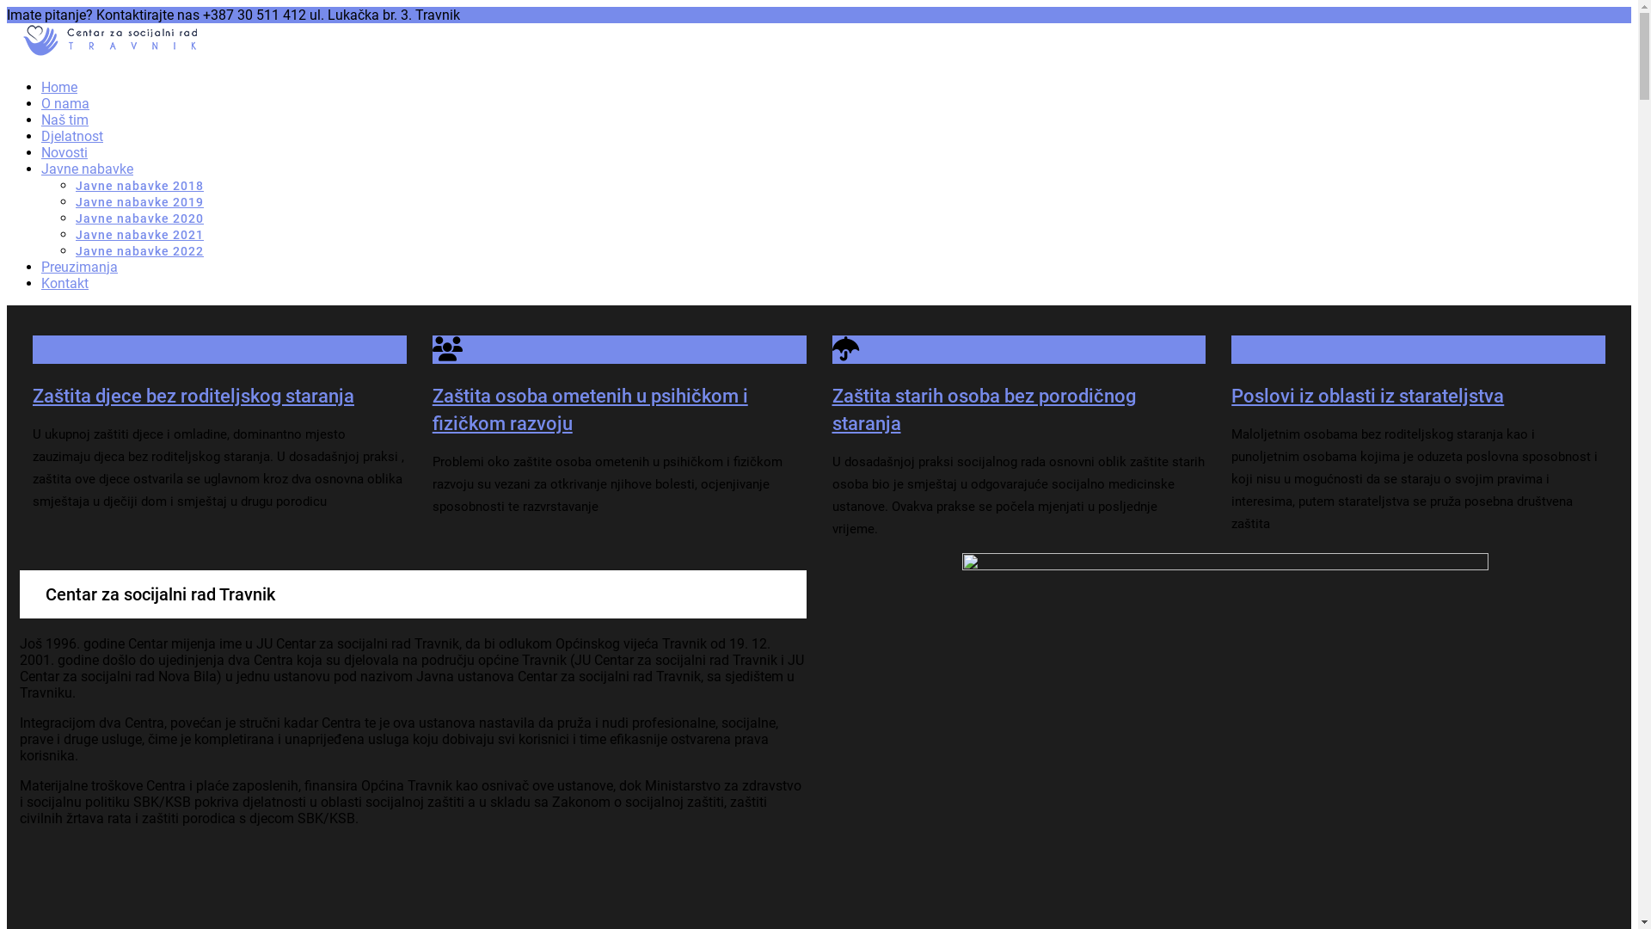 The width and height of the screenshot is (1651, 929). Describe the element at coordinates (64, 151) in the screenshot. I see `'Novosti'` at that location.